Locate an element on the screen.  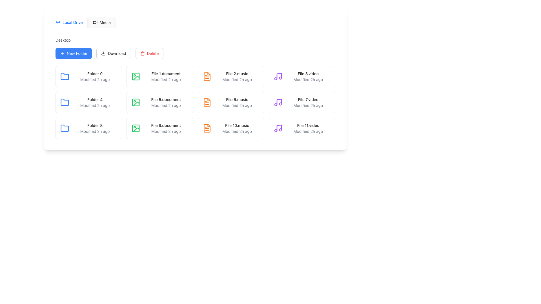
the download icon located on the left side of the 'Download' button in the toolbar area is located at coordinates (103, 53).